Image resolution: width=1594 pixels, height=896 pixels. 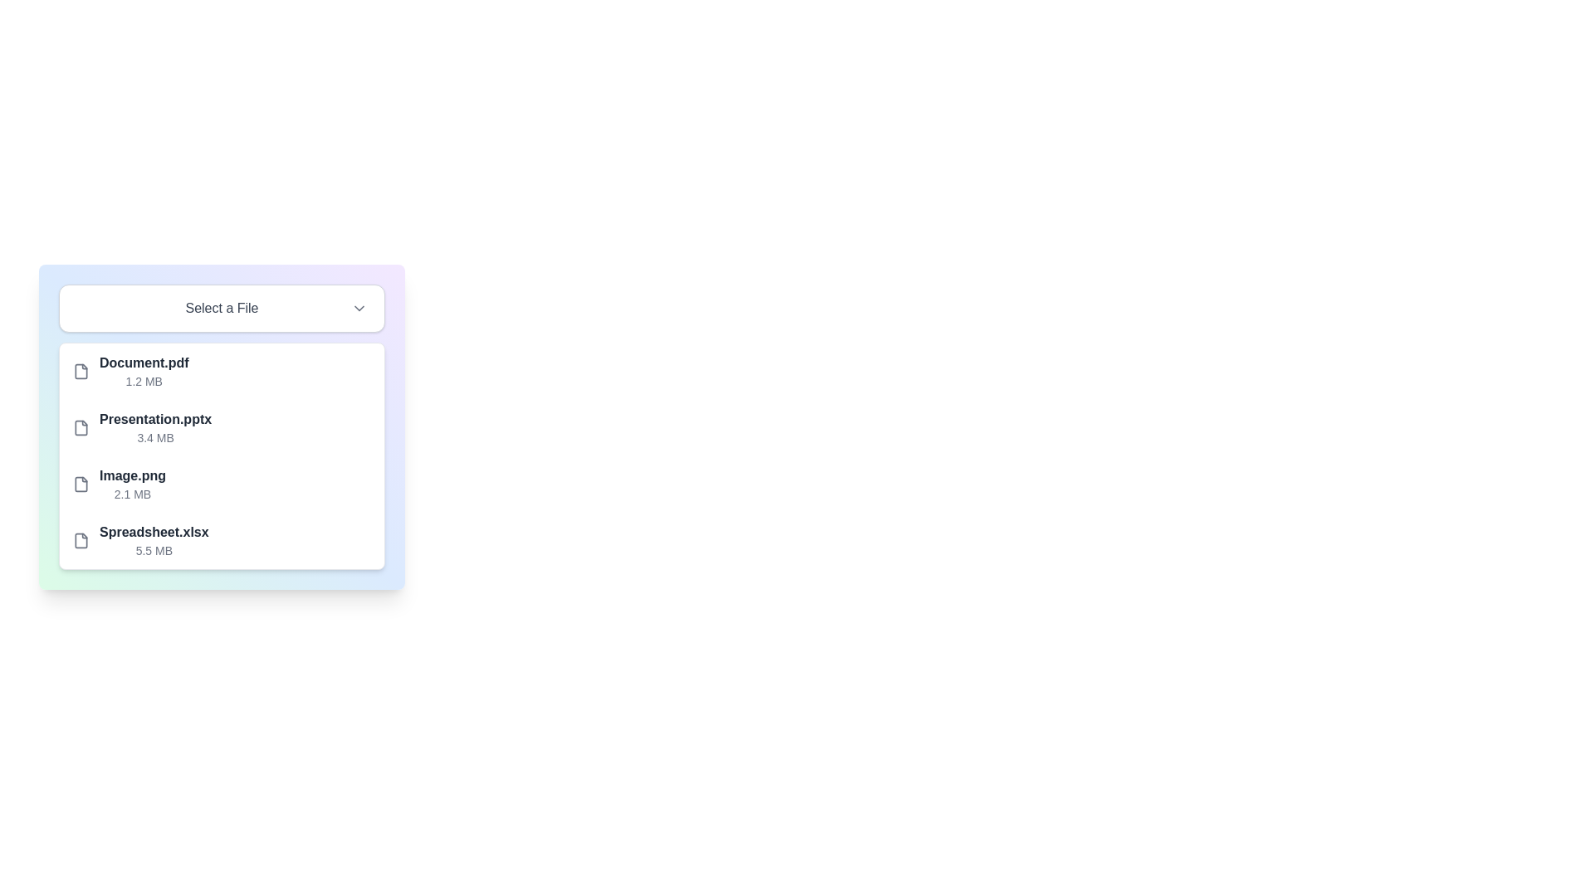 What do you see at coordinates (221, 426) in the screenshot?
I see `the second entry in the file list titled 'Presentation.pptx'` at bounding box center [221, 426].